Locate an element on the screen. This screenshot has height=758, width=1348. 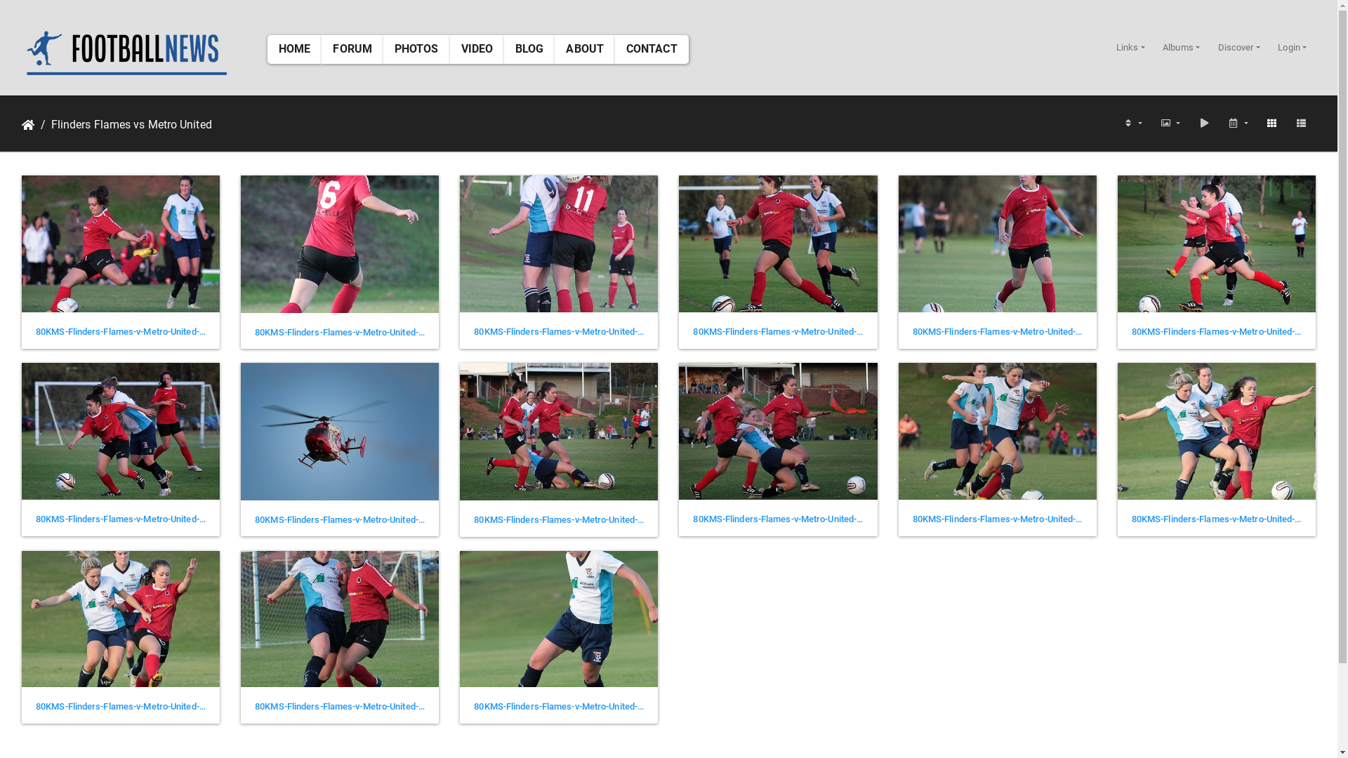
'Photo sizes' is located at coordinates (1151, 123).